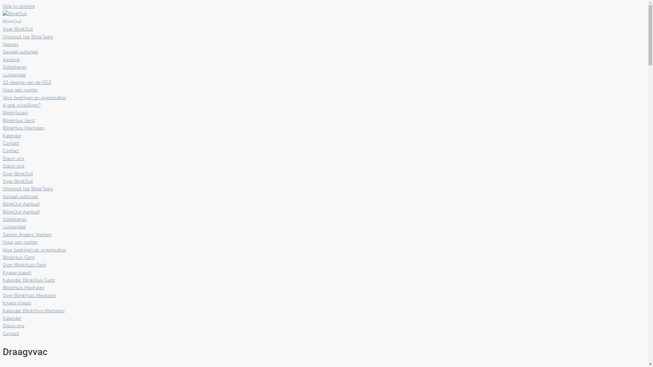  Describe the element at coordinates (15, 67) in the screenshot. I see `'Stiltekamer'` at that location.